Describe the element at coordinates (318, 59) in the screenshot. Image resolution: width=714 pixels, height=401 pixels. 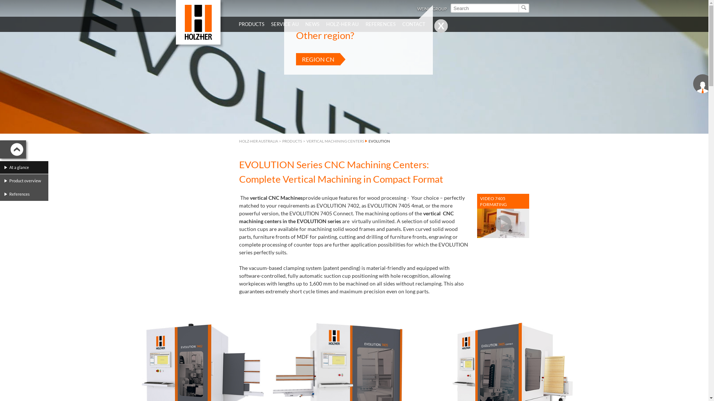
I see `'REGION CN'` at that location.